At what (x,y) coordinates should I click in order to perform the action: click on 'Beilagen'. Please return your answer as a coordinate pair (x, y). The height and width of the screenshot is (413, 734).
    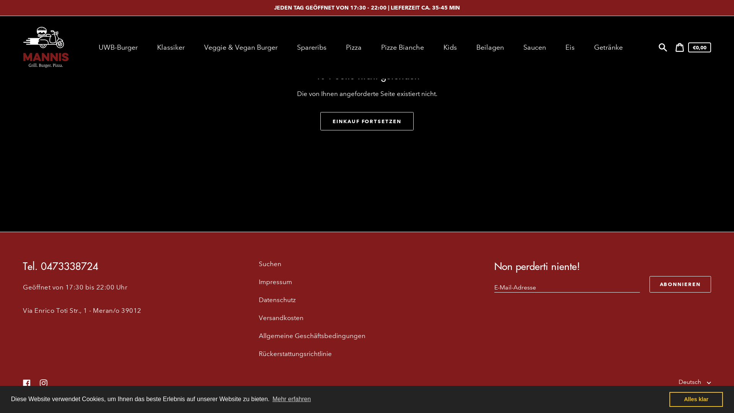
    Looking at the image, I should click on (491, 47).